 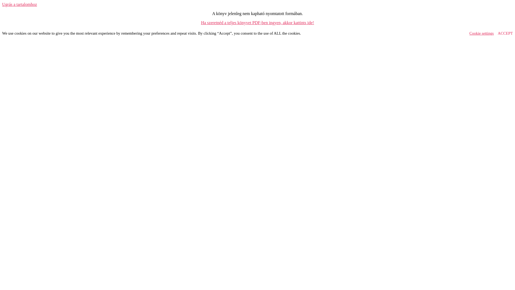 I want to click on 'ACCEPT', so click(x=505, y=33).